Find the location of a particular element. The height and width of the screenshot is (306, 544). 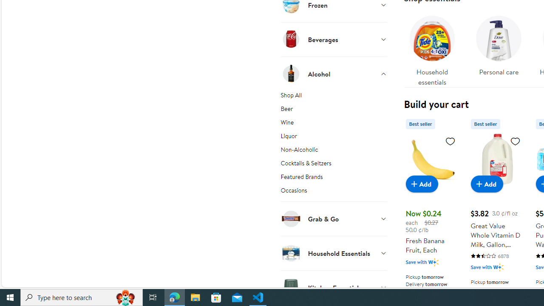

'Household Essentials' is located at coordinates (333, 252).